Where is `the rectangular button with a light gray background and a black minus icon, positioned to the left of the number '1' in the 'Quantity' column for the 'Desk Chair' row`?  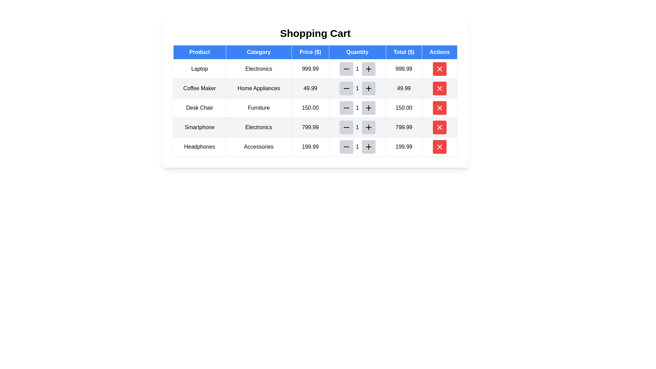
the rectangular button with a light gray background and a black minus icon, positioned to the left of the number '1' in the 'Quantity' column for the 'Desk Chair' row is located at coordinates (346, 108).